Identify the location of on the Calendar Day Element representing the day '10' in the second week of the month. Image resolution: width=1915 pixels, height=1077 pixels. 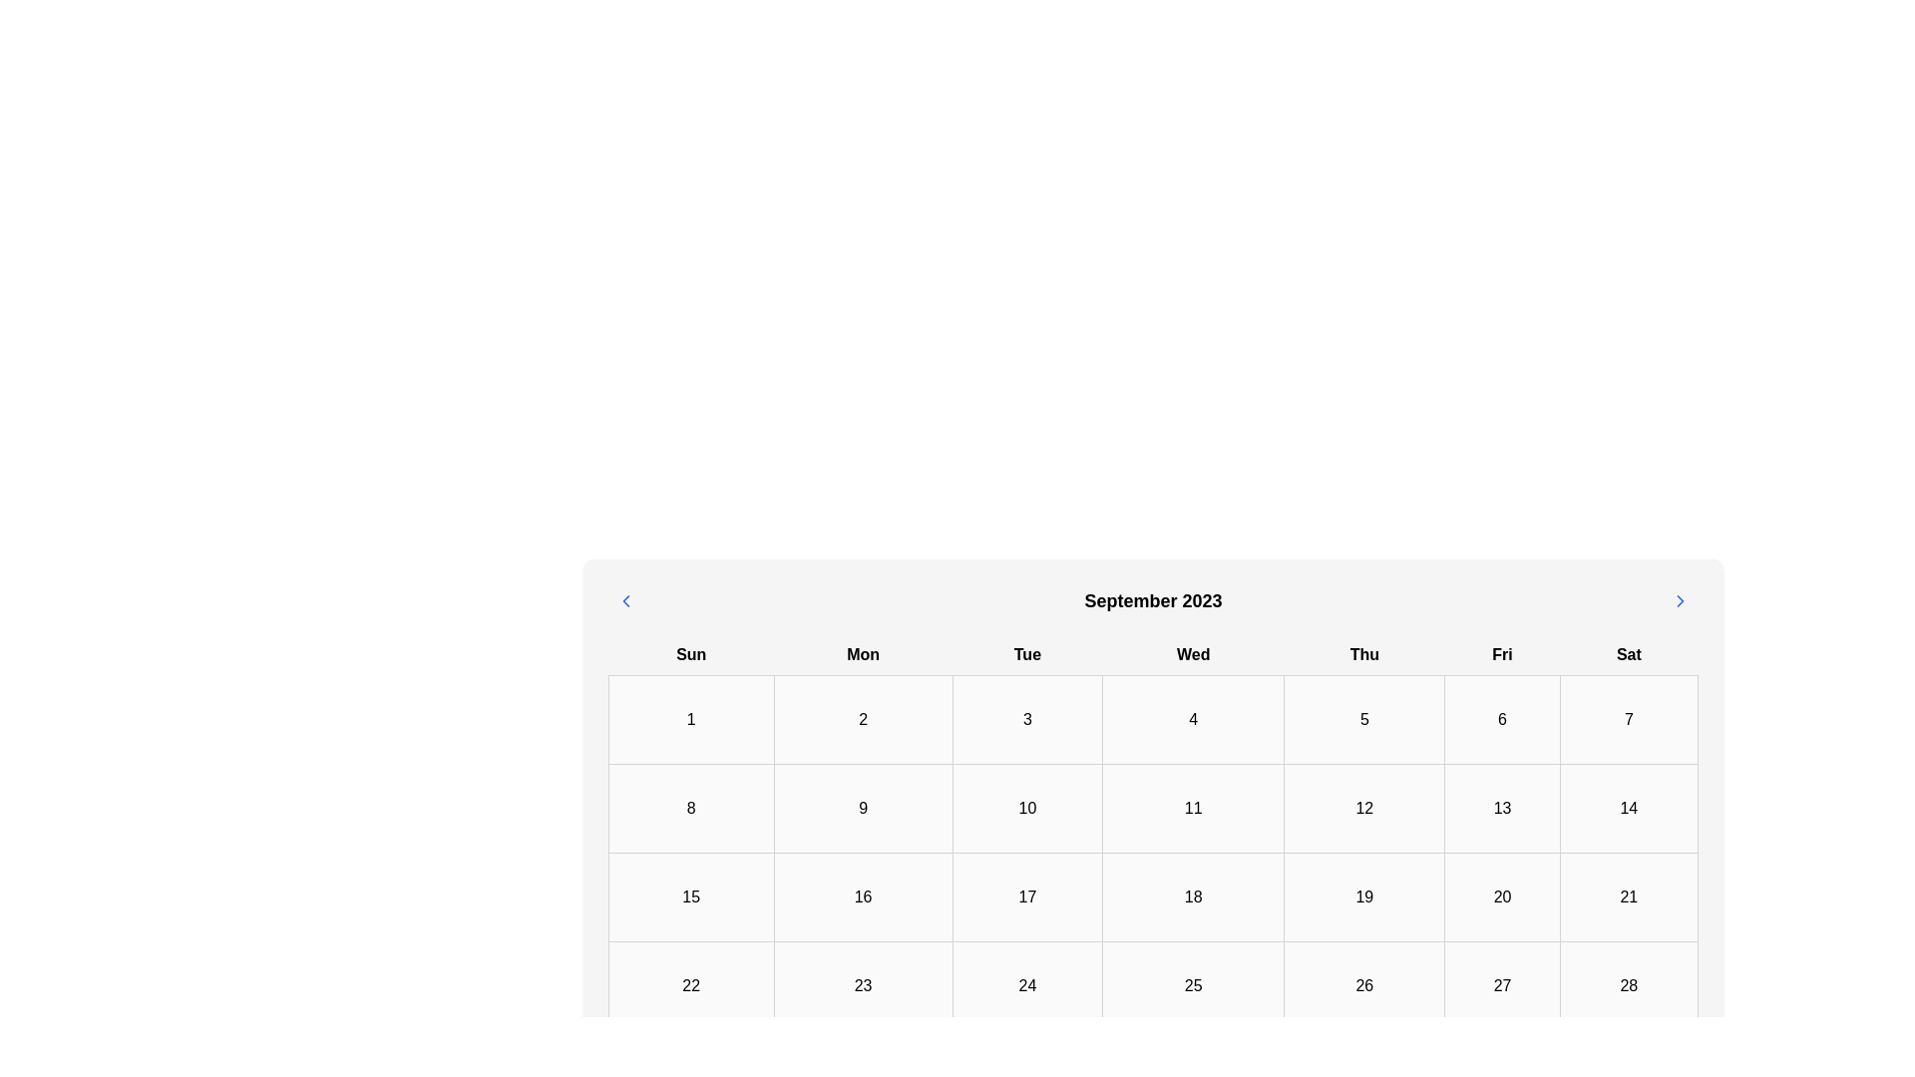
(1027, 808).